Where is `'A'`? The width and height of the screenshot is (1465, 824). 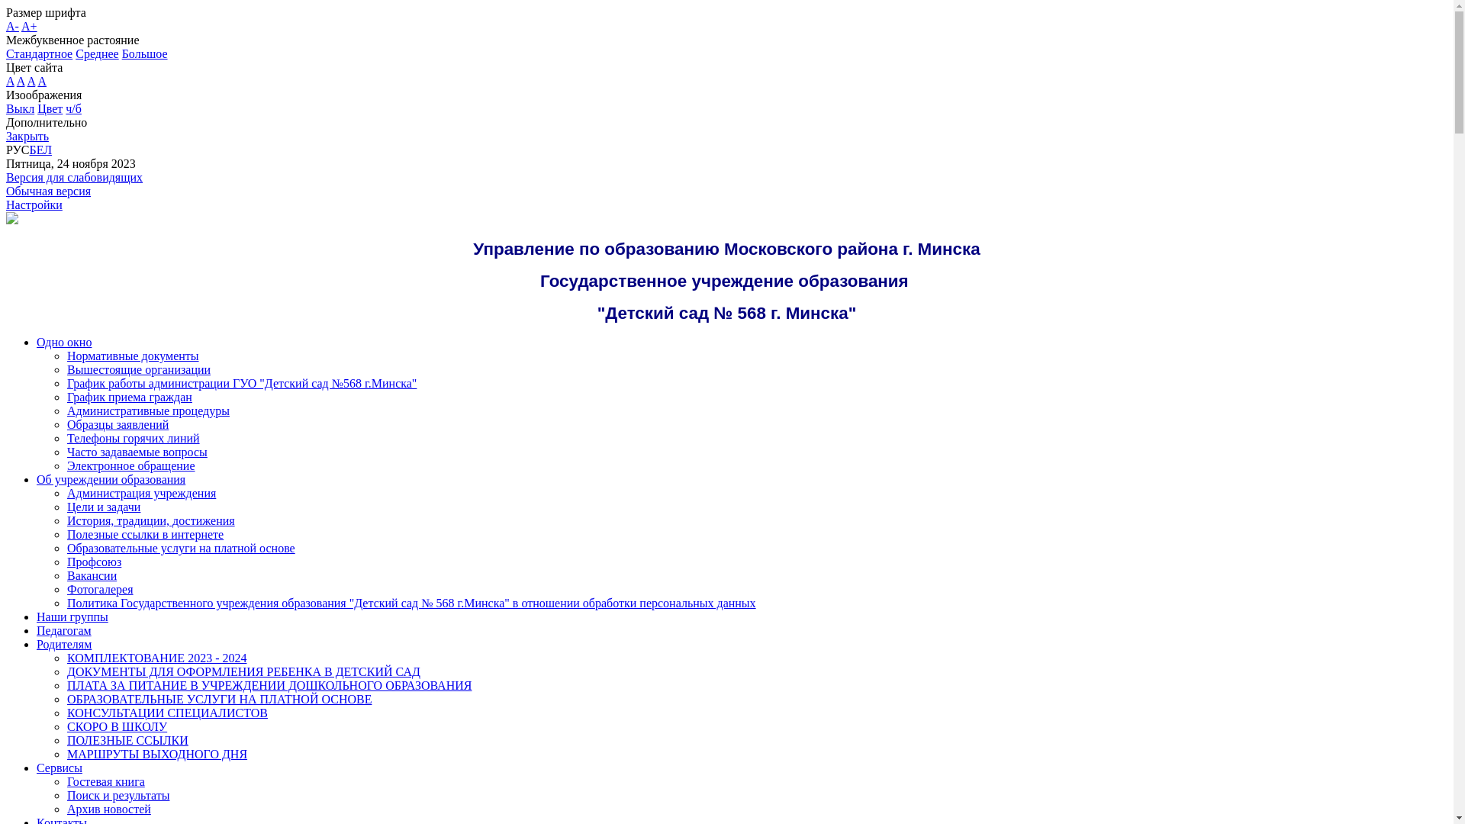 'A' is located at coordinates (21, 81).